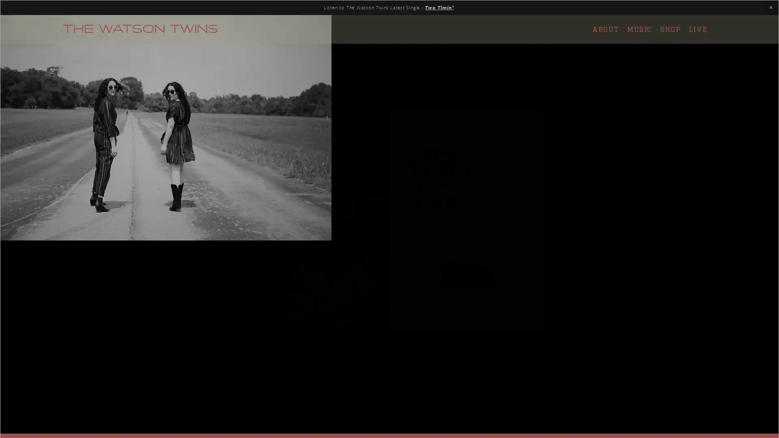 The height and width of the screenshot is (438, 779). I want to click on Close, so click(532, 116).